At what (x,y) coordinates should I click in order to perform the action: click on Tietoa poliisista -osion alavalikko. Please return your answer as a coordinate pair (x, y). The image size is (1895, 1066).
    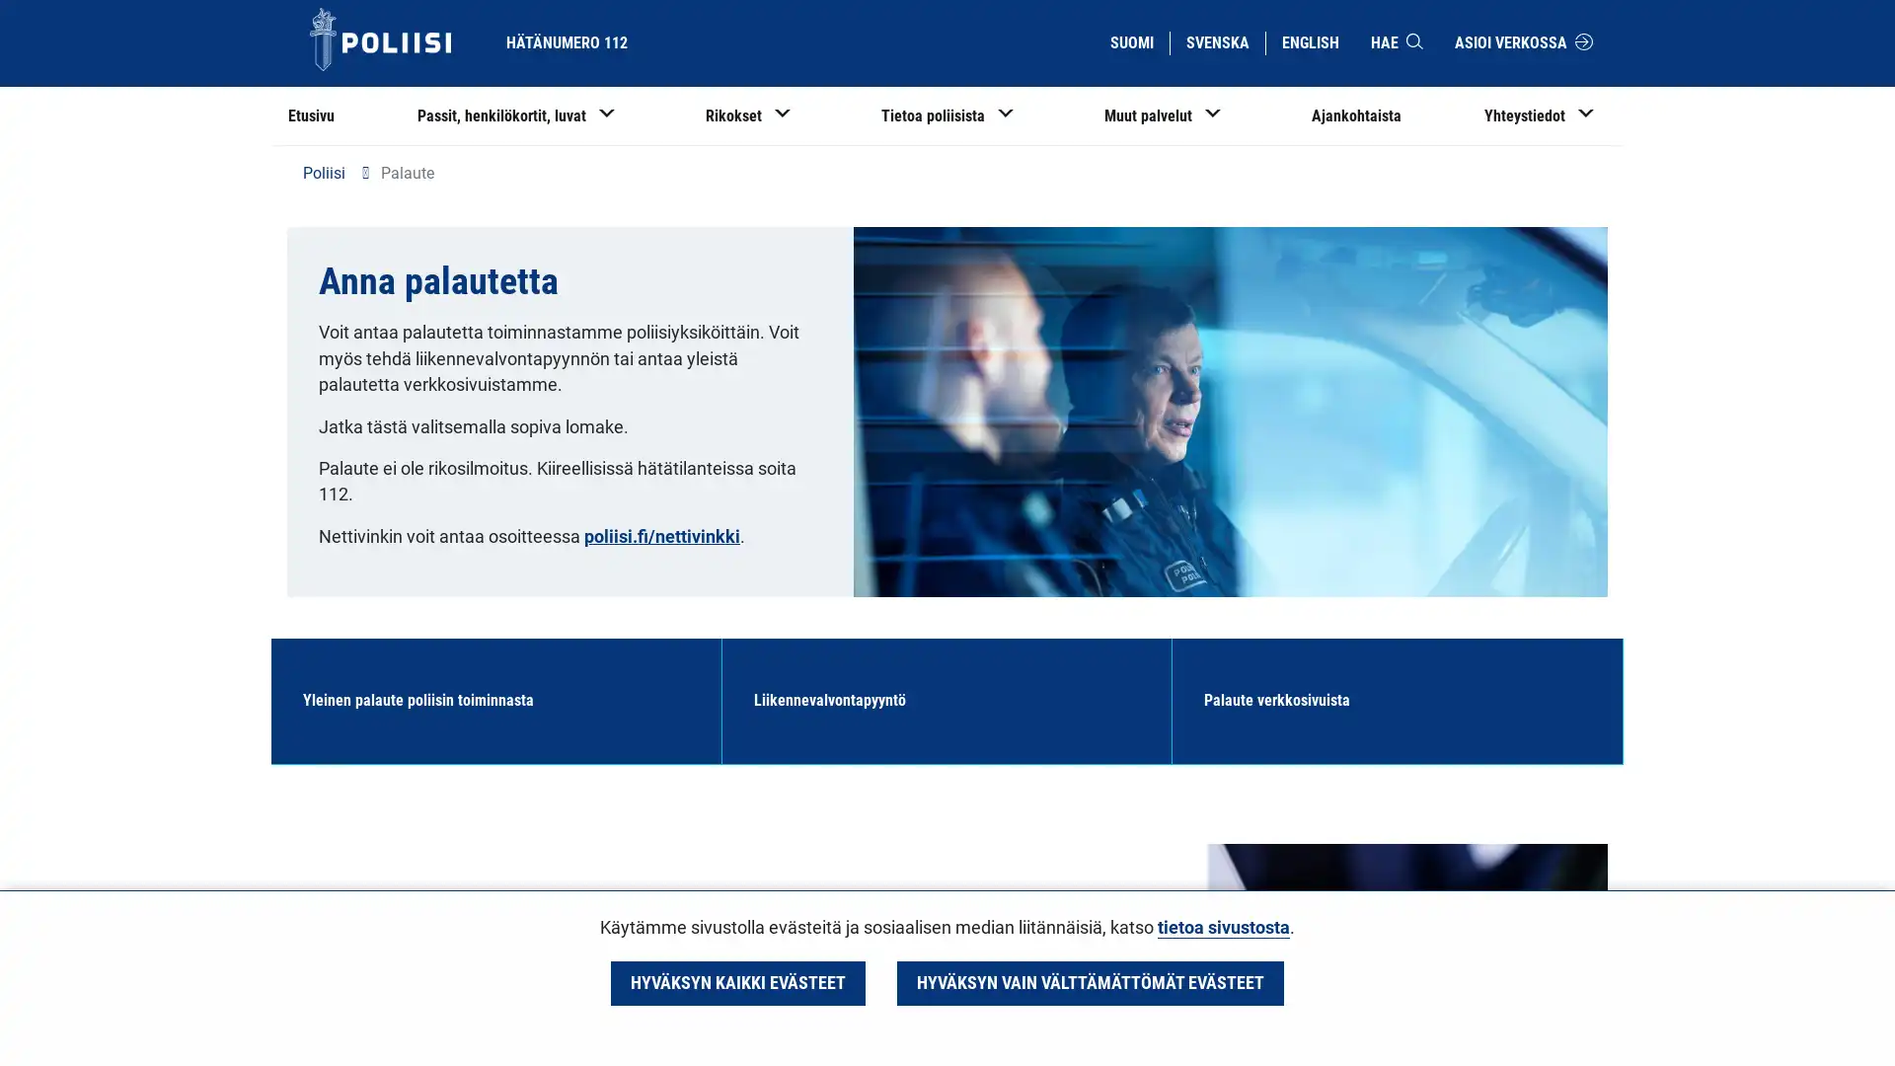
    Looking at the image, I should click on (1014, 118).